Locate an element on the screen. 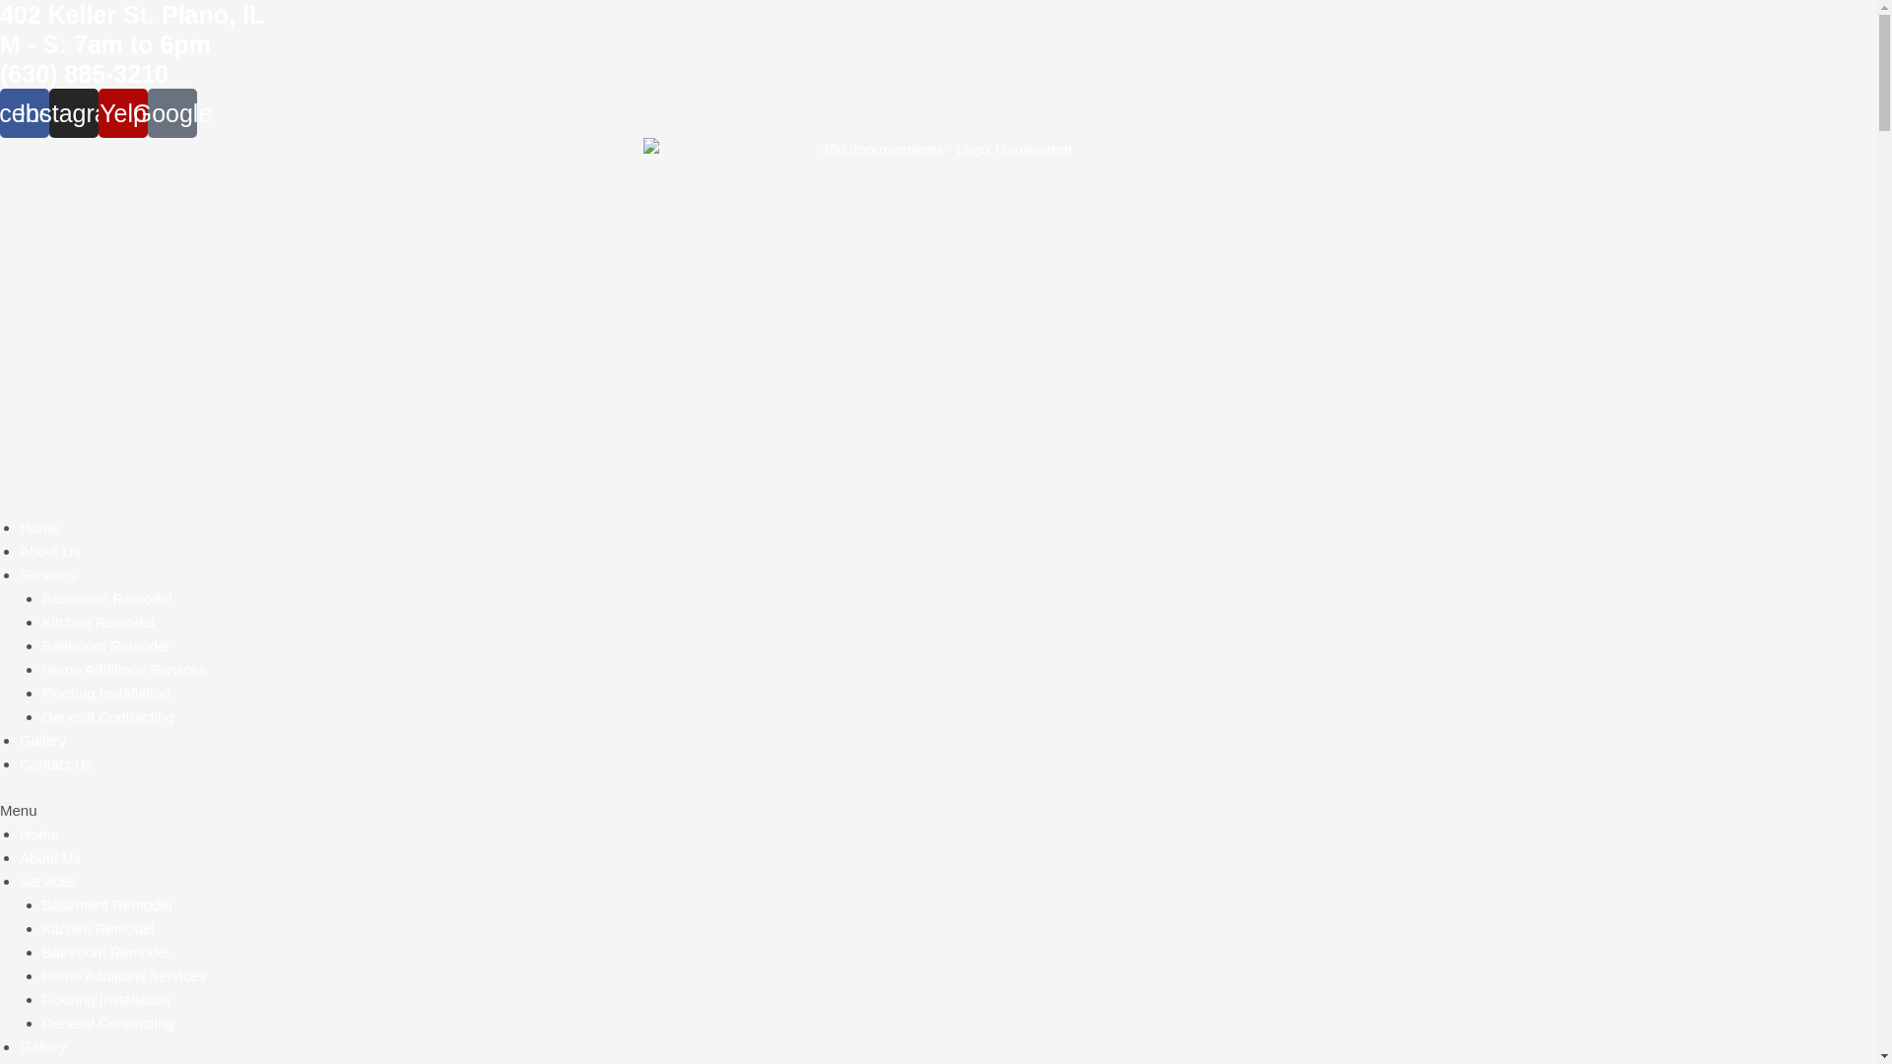 The width and height of the screenshot is (1892, 1064). 'Bathroom Remodel' is located at coordinates (103, 645).